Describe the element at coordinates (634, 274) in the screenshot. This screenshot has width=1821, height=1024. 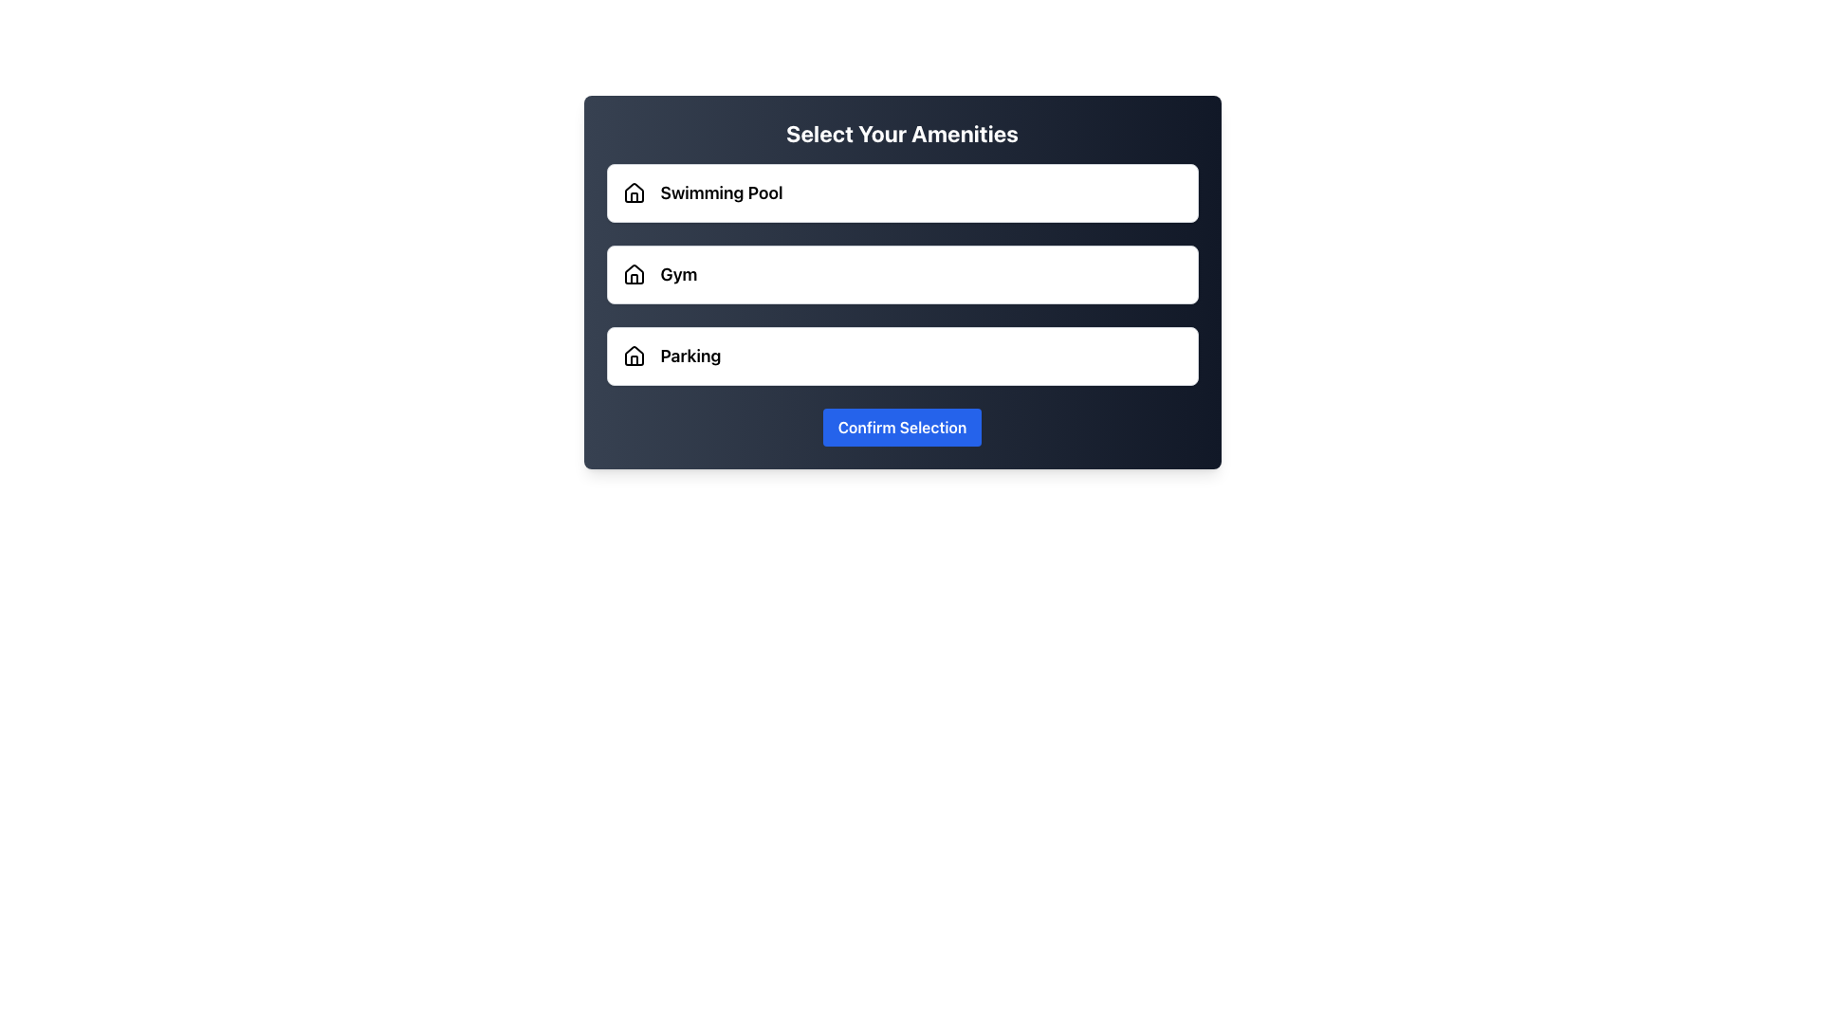
I see `the 'Gym' icon in the amenities list, which is the second item next to the label 'Gym'` at that location.